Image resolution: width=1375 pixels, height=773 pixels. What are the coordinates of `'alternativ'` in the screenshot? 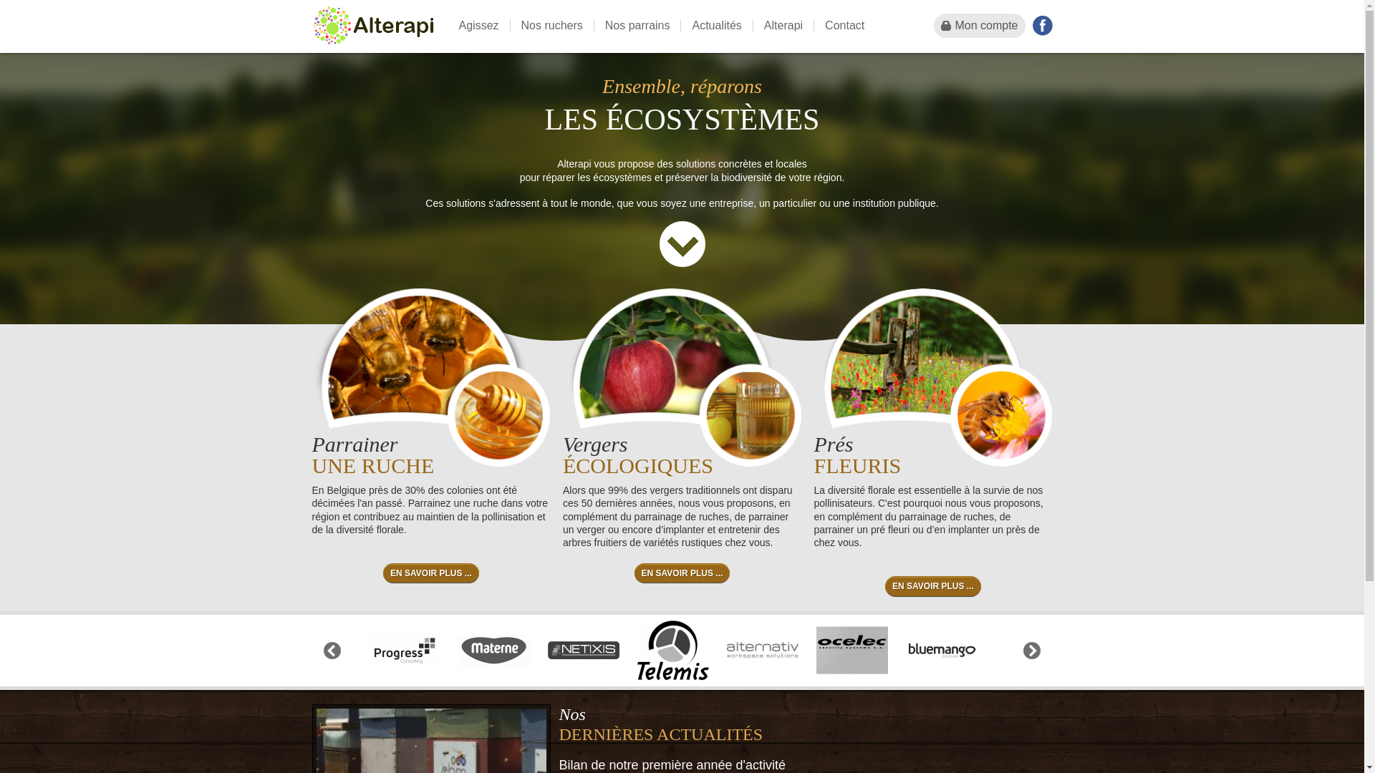 It's located at (762, 651).